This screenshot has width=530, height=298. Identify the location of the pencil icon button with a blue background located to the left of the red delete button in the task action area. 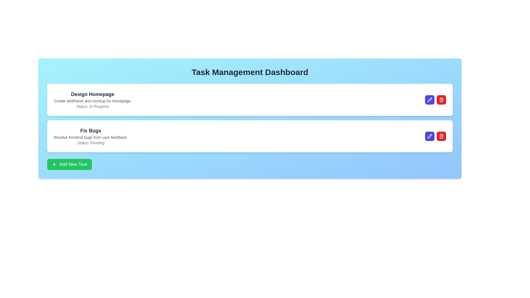
(429, 100).